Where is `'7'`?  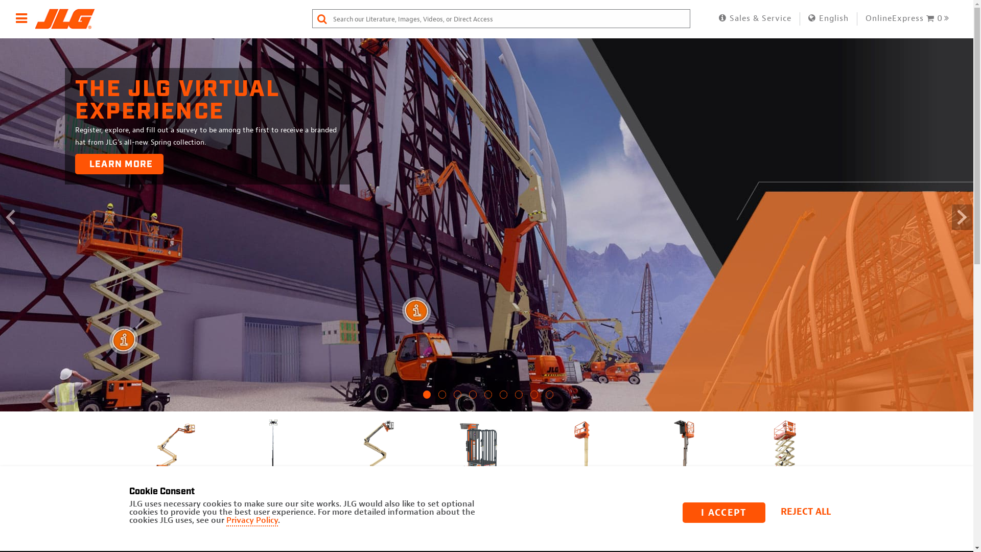 '7' is located at coordinates (519, 398).